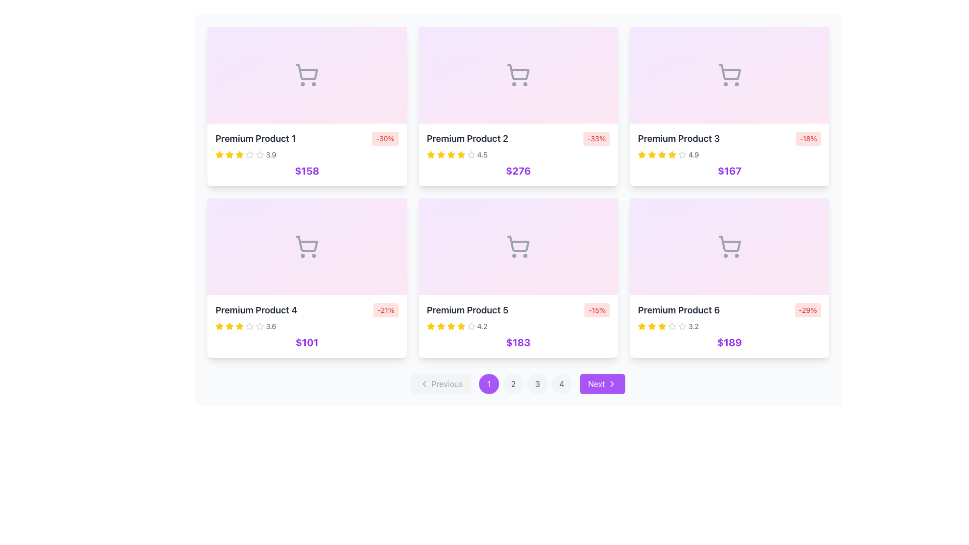  What do you see at coordinates (441, 154) in the screenshot?
I see `the second filled star icon in the rating system of the Premium Product 2 card located at the top center of the grid` at bounding box center [441, 154].